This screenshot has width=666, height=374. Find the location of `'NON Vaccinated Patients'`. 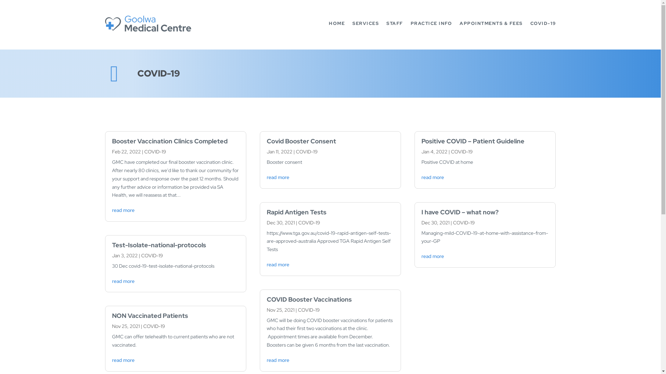

'NON Vaccinated Patients' is located at coordinates (149, 315).